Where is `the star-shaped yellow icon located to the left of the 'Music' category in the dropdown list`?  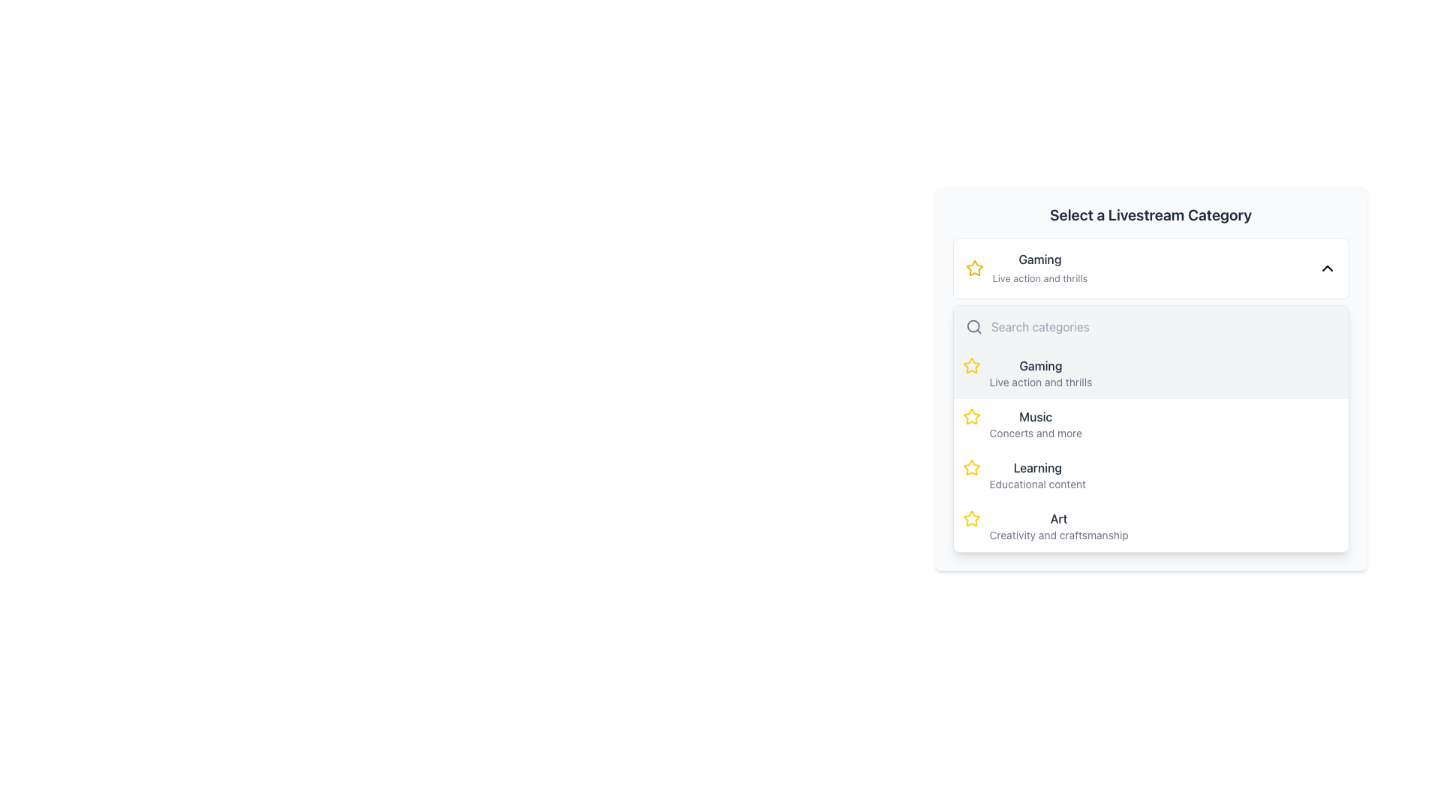 the star-shaped yellow icon located to the left of the 'Music' category in the dropdown list is located at coordinates (971, 416).